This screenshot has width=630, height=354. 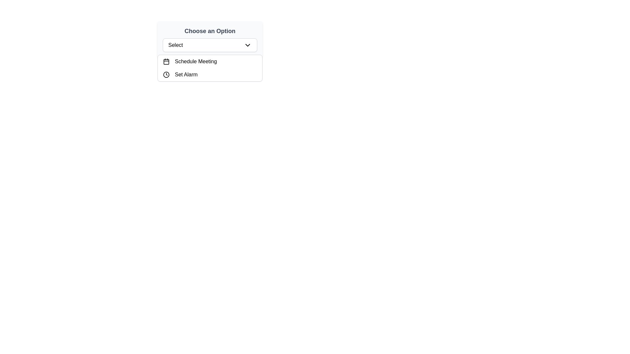 I want to click on the 'Schedule Meeting' text label located in the menu below the 'Select' dropdown button, so click(x=196, y=62).